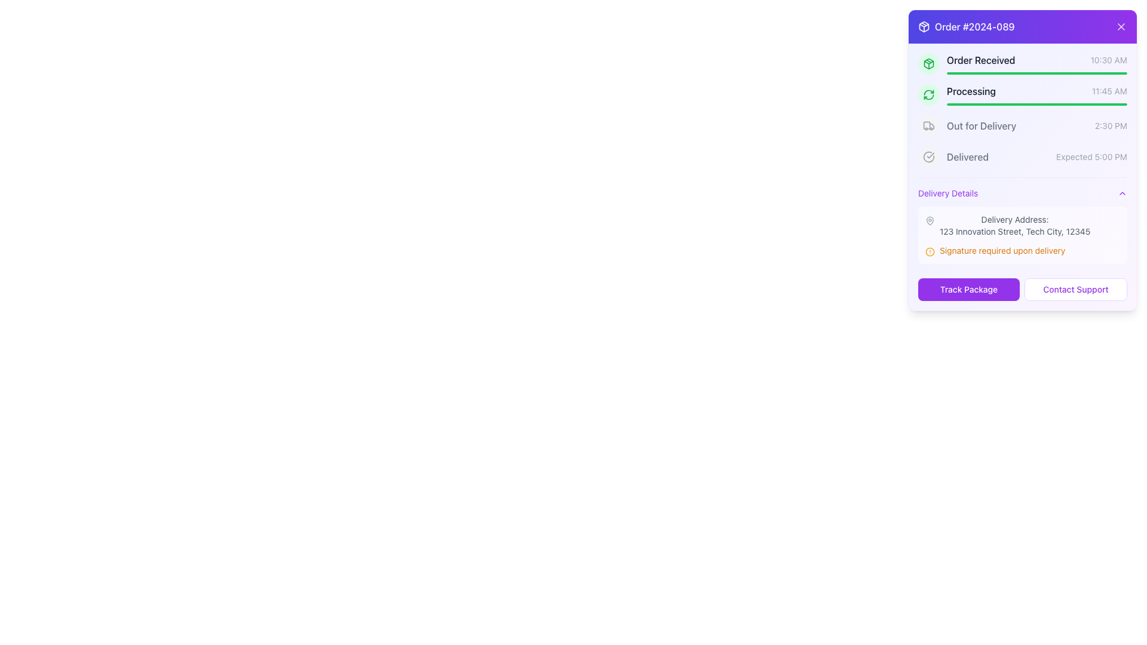  Describe the element at coordinates (947, 193) in the screenshot. I see `the 'Delivery Details' text label, which serves as a section header guiding the user to the delivery details section of the interface` at that location.